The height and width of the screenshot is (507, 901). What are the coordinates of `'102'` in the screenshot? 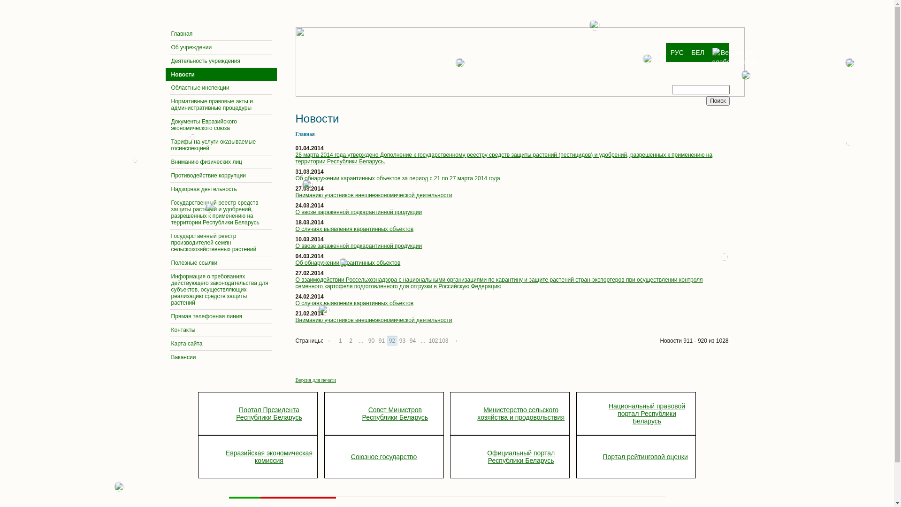 It's located at (433, 340).